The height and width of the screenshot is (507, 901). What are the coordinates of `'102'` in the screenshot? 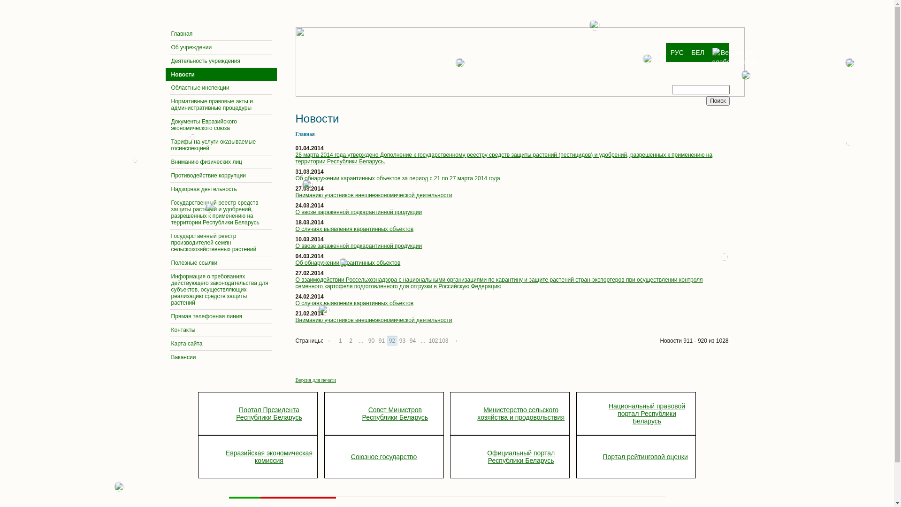 It's located at (433, 340).